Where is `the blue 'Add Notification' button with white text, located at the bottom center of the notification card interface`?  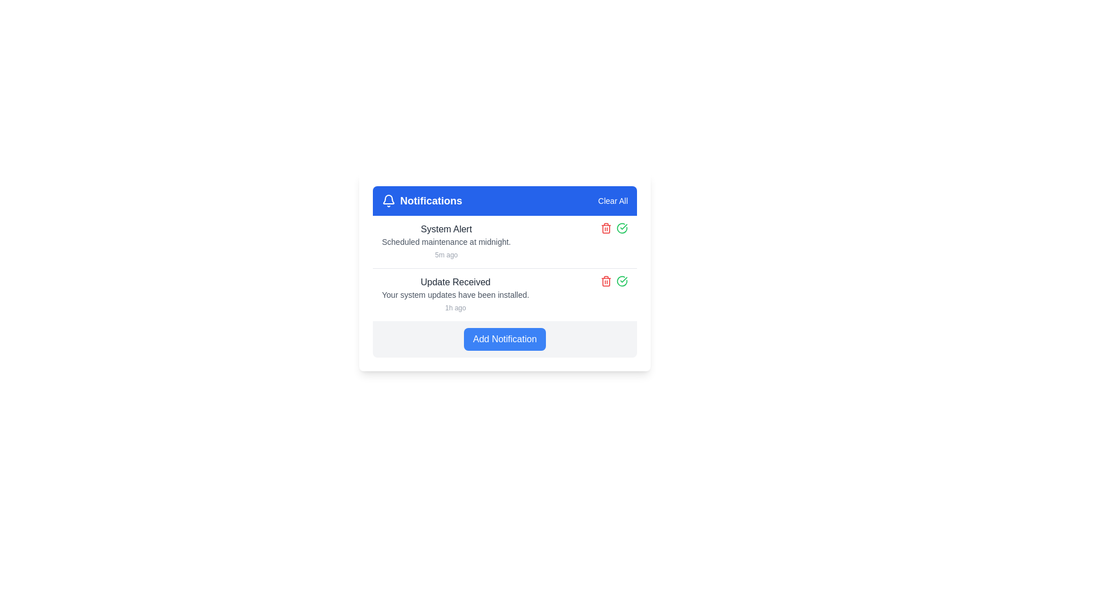 the blue 'Add Notification' button with white text, located at the bottom center of the notification card interface is located at coordinates (504, 339).